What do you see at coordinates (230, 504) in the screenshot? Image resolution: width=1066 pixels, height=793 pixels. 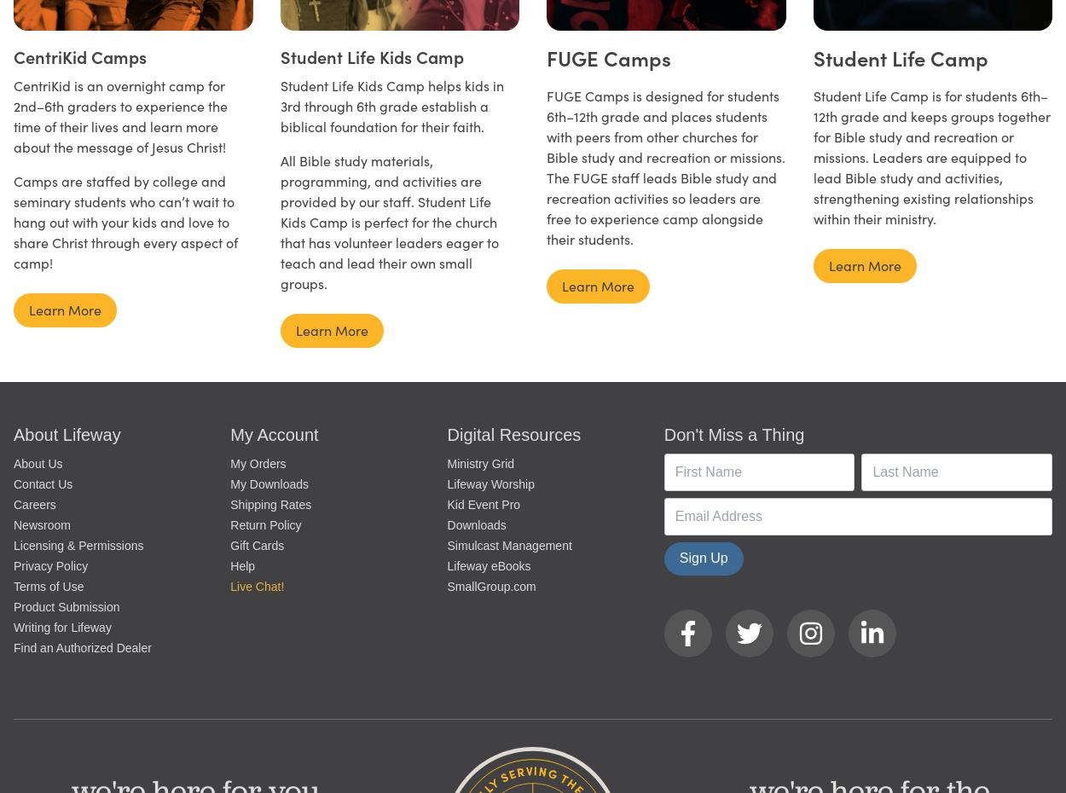 I see `'Shipping Rates'` at bounding box center [230, 504].